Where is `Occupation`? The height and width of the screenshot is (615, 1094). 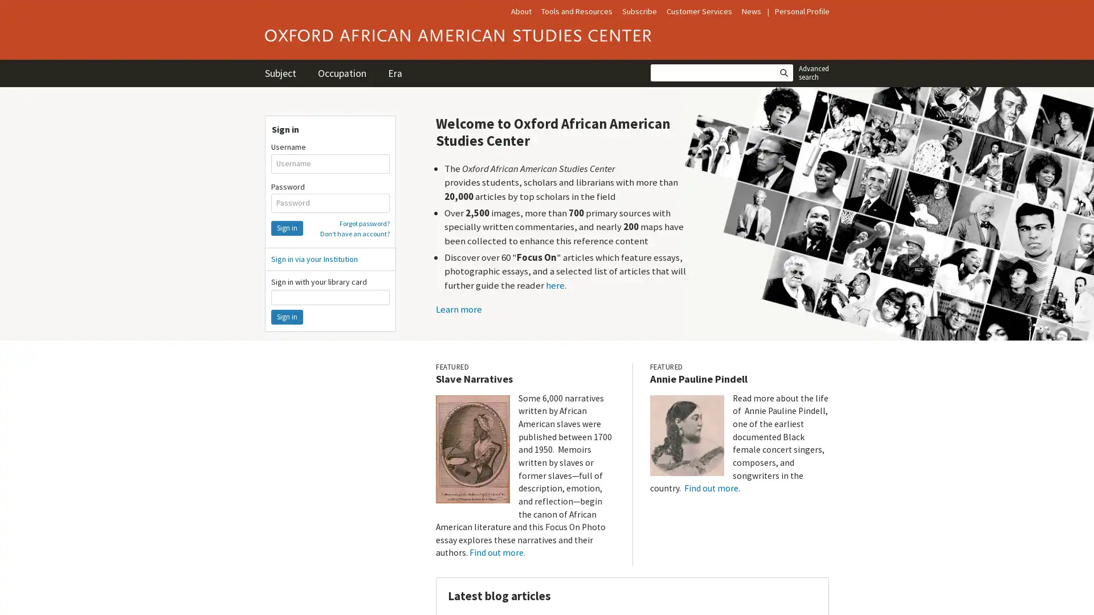
Occupation is located at coordinates (341, 73).